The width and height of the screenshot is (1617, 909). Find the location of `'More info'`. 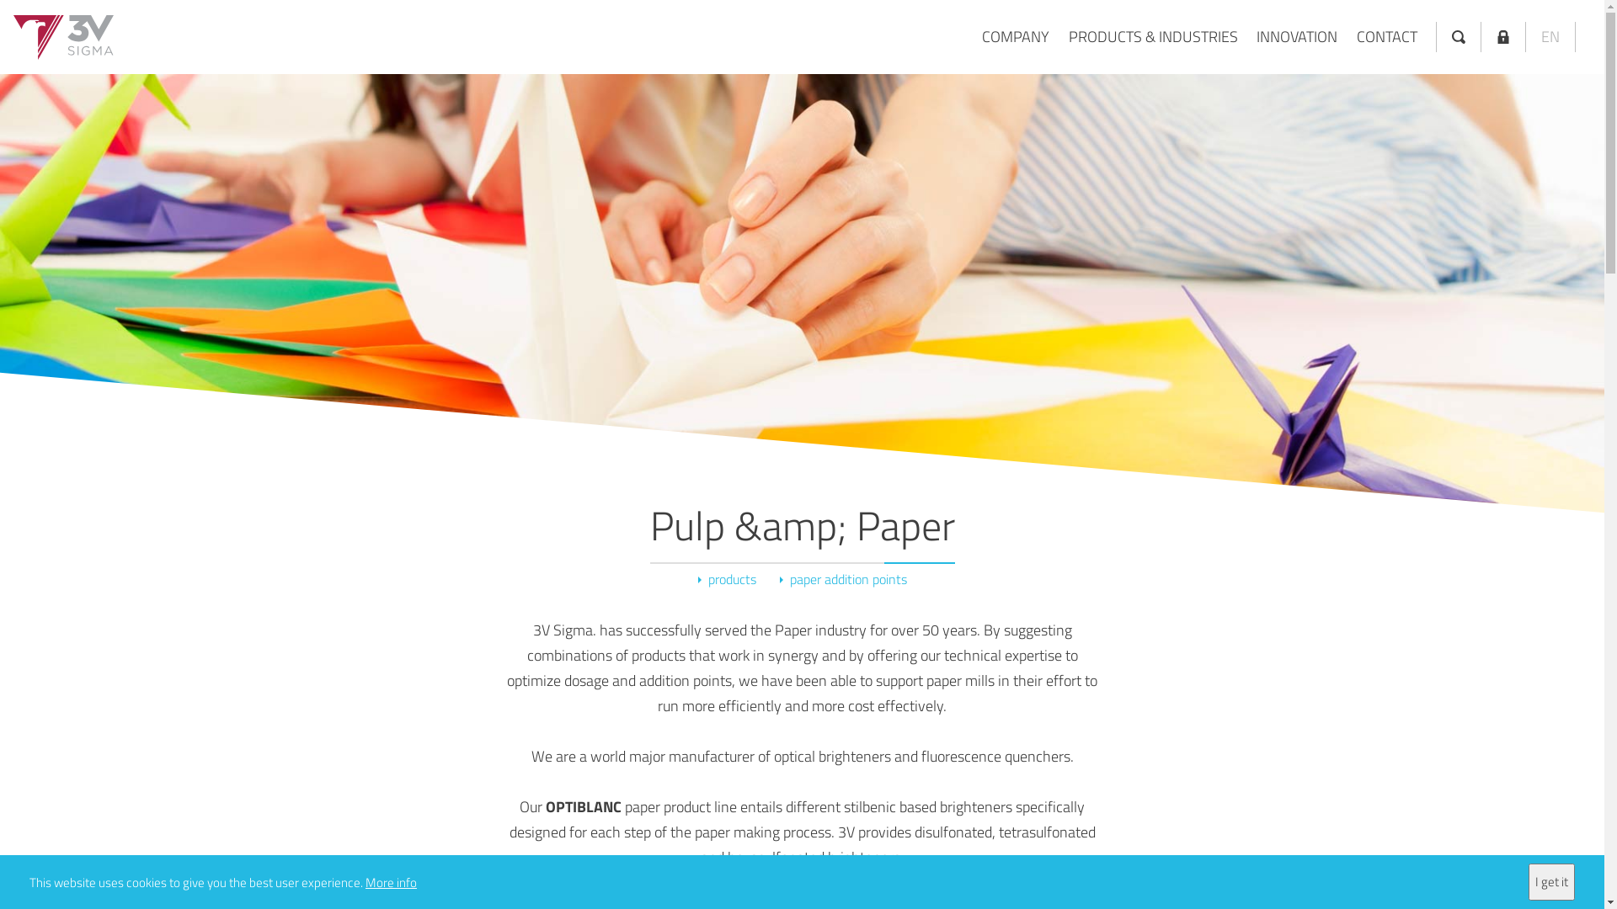

'More info' is located at coordinates (390, 880).